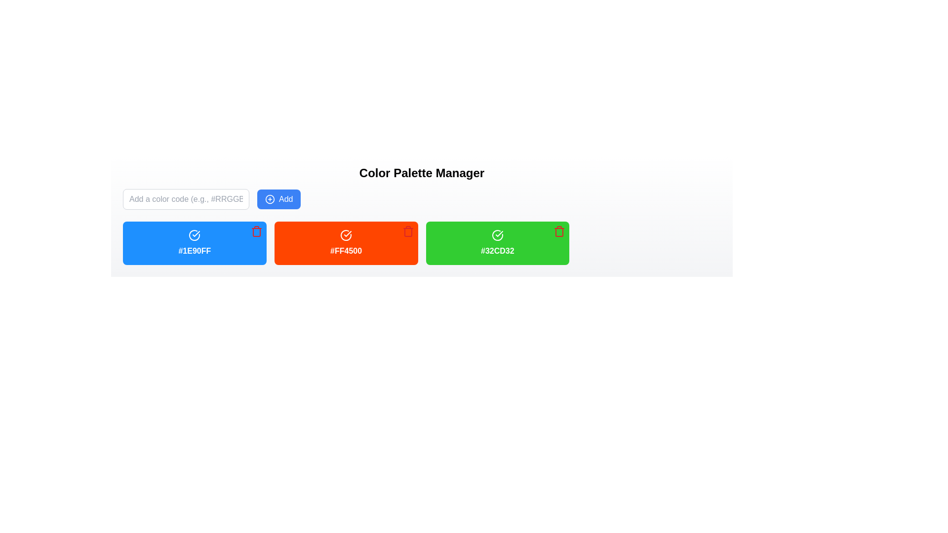  I want to click on the delete button located at the top-right corner of the orange color card labeled '#FF4500', so click(408, 231).